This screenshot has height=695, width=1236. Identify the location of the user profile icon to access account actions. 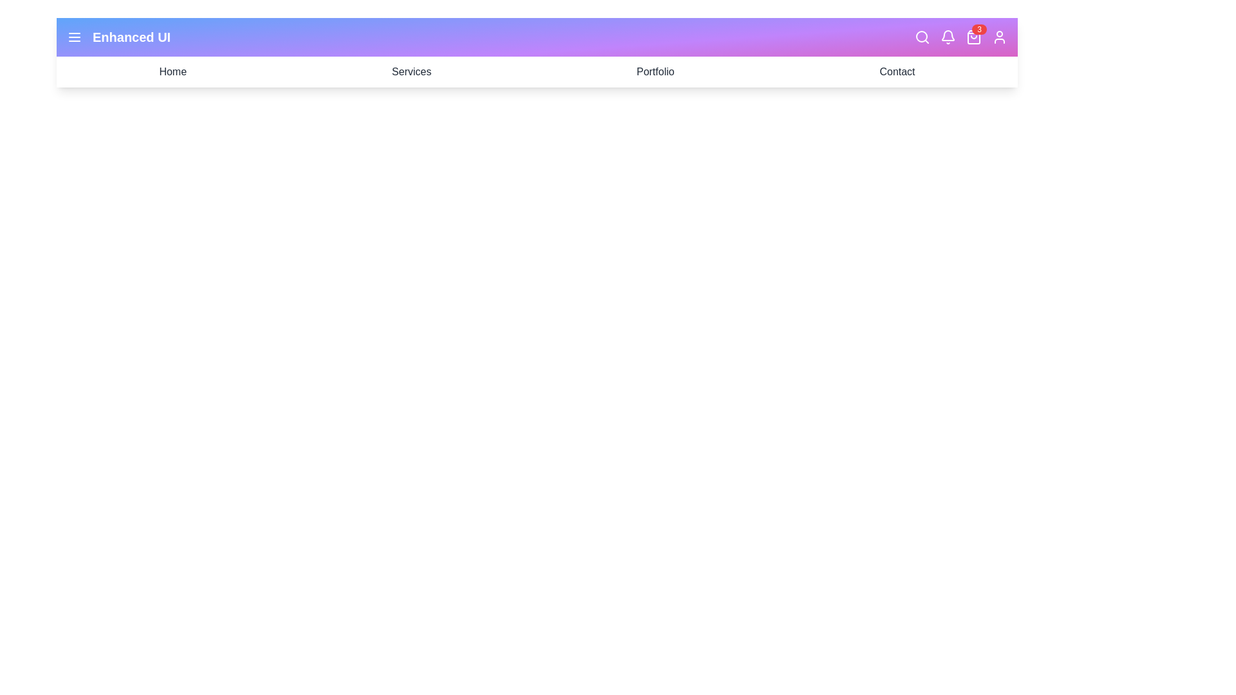
(999, 36).